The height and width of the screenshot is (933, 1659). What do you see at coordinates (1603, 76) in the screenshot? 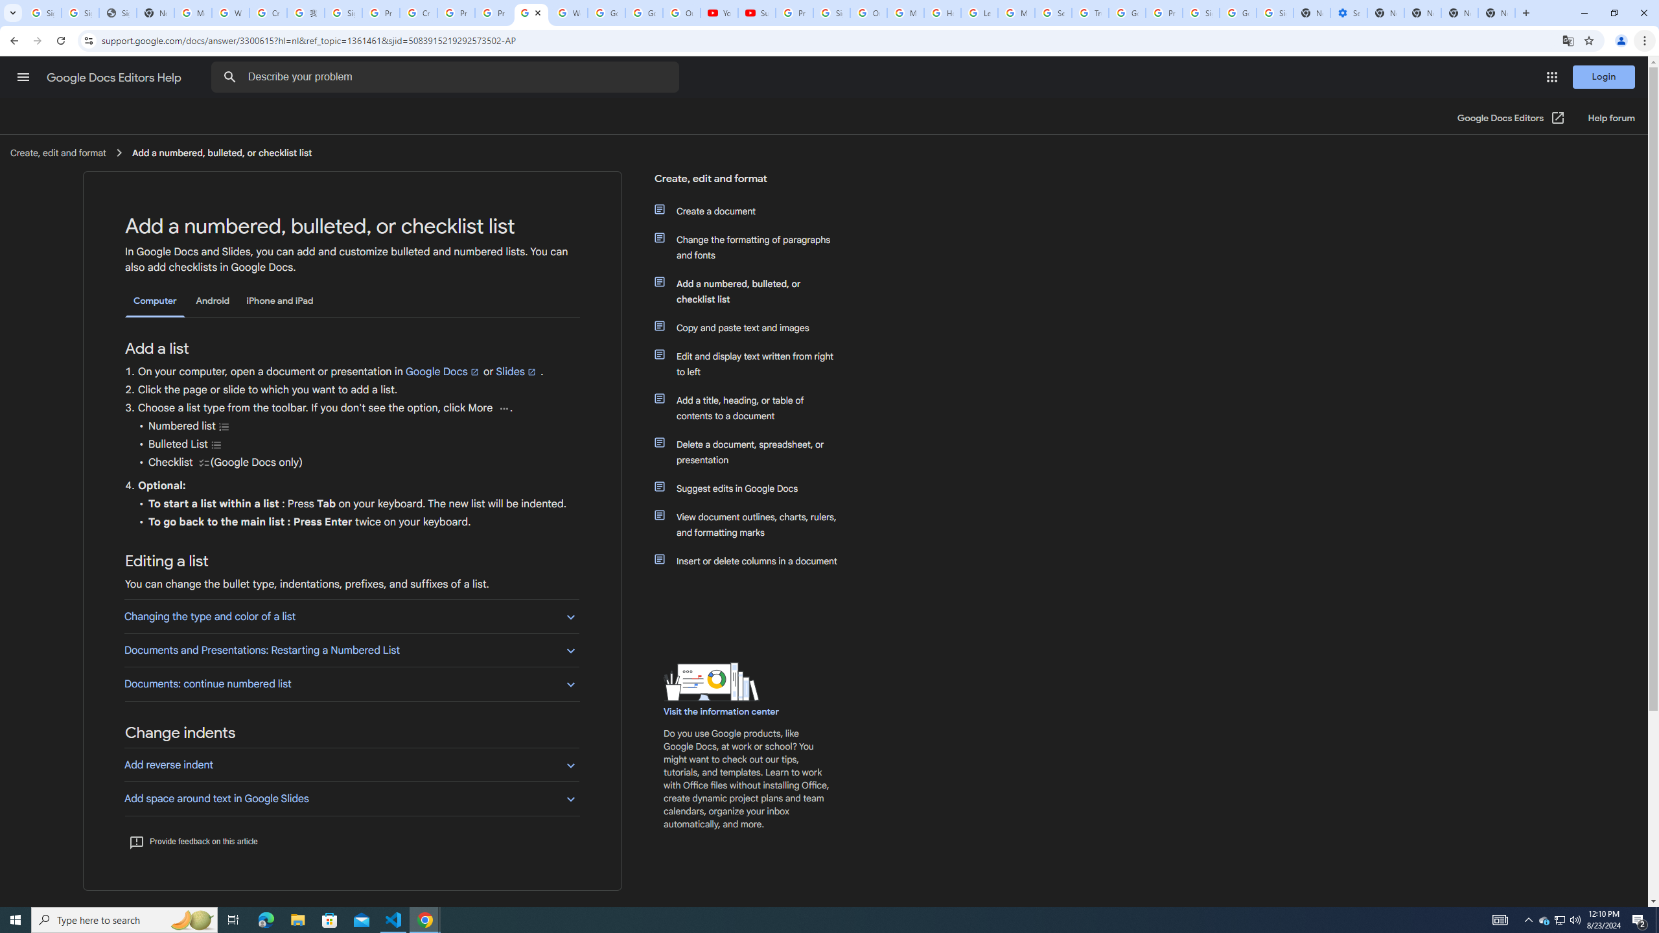
I see `'Login'` at bounding box center [1603, 76].